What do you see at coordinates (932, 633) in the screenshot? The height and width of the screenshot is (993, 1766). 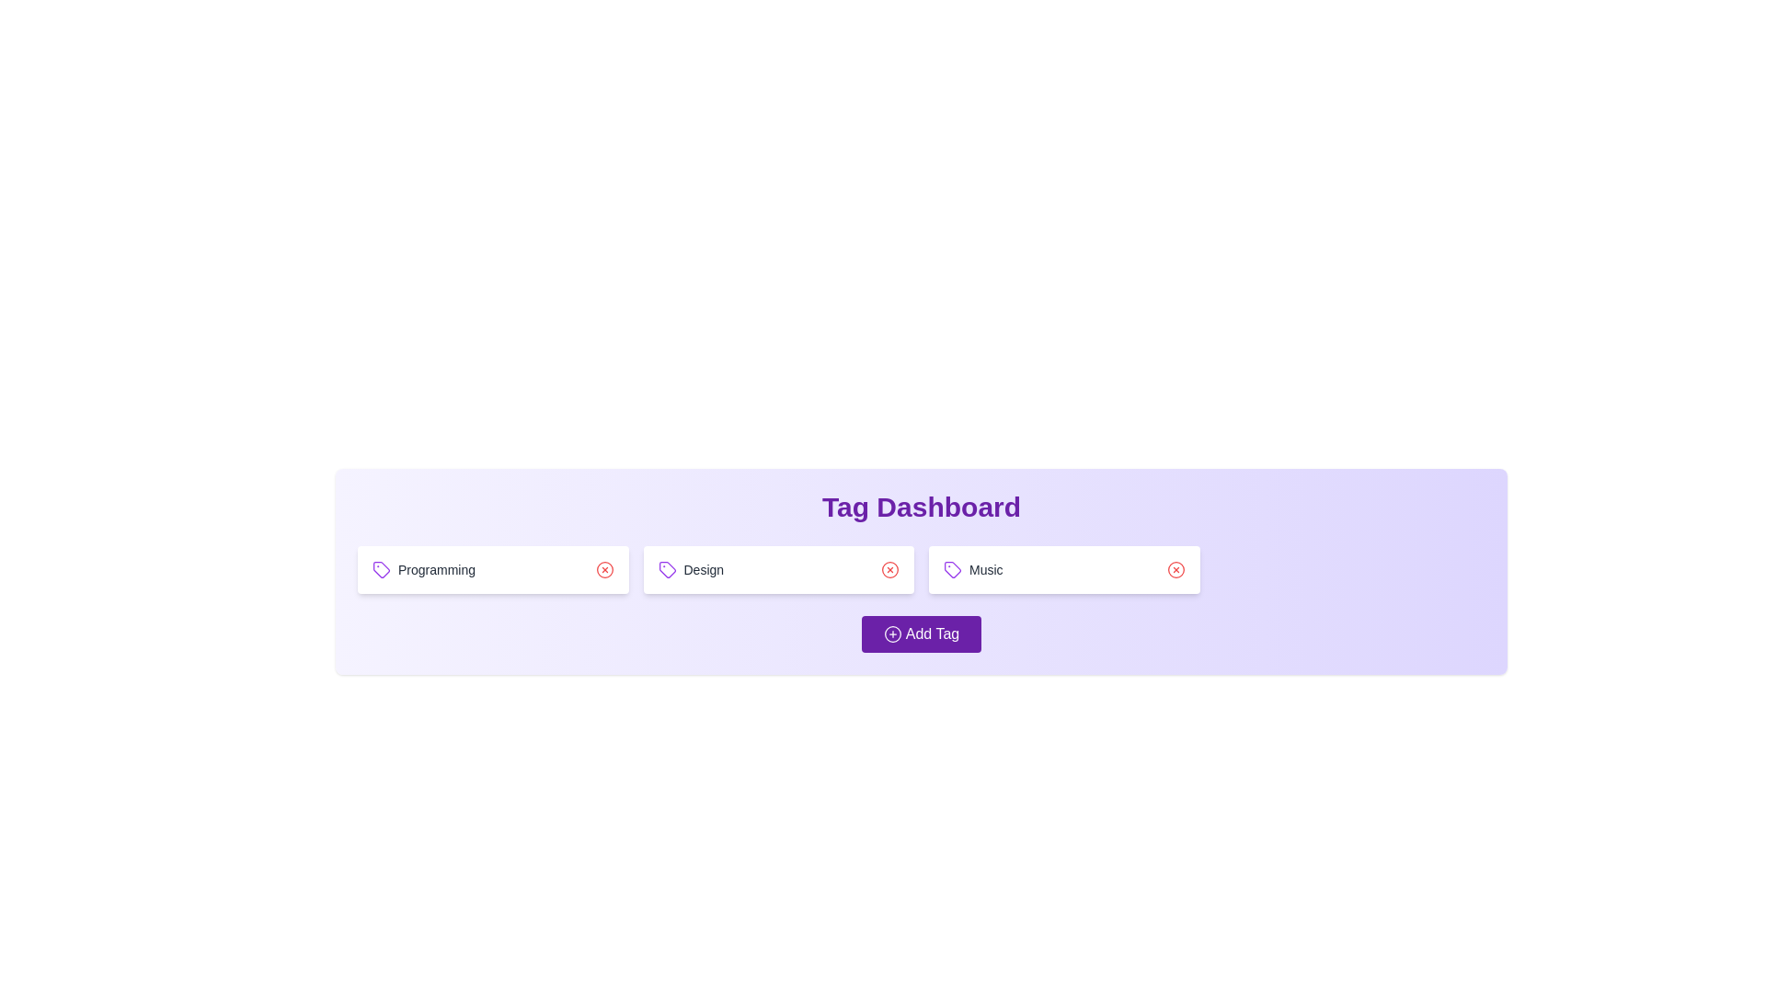 I see `the text label located inside the purple button at the lower-central part of the interface` at bounding box center [932, 633].